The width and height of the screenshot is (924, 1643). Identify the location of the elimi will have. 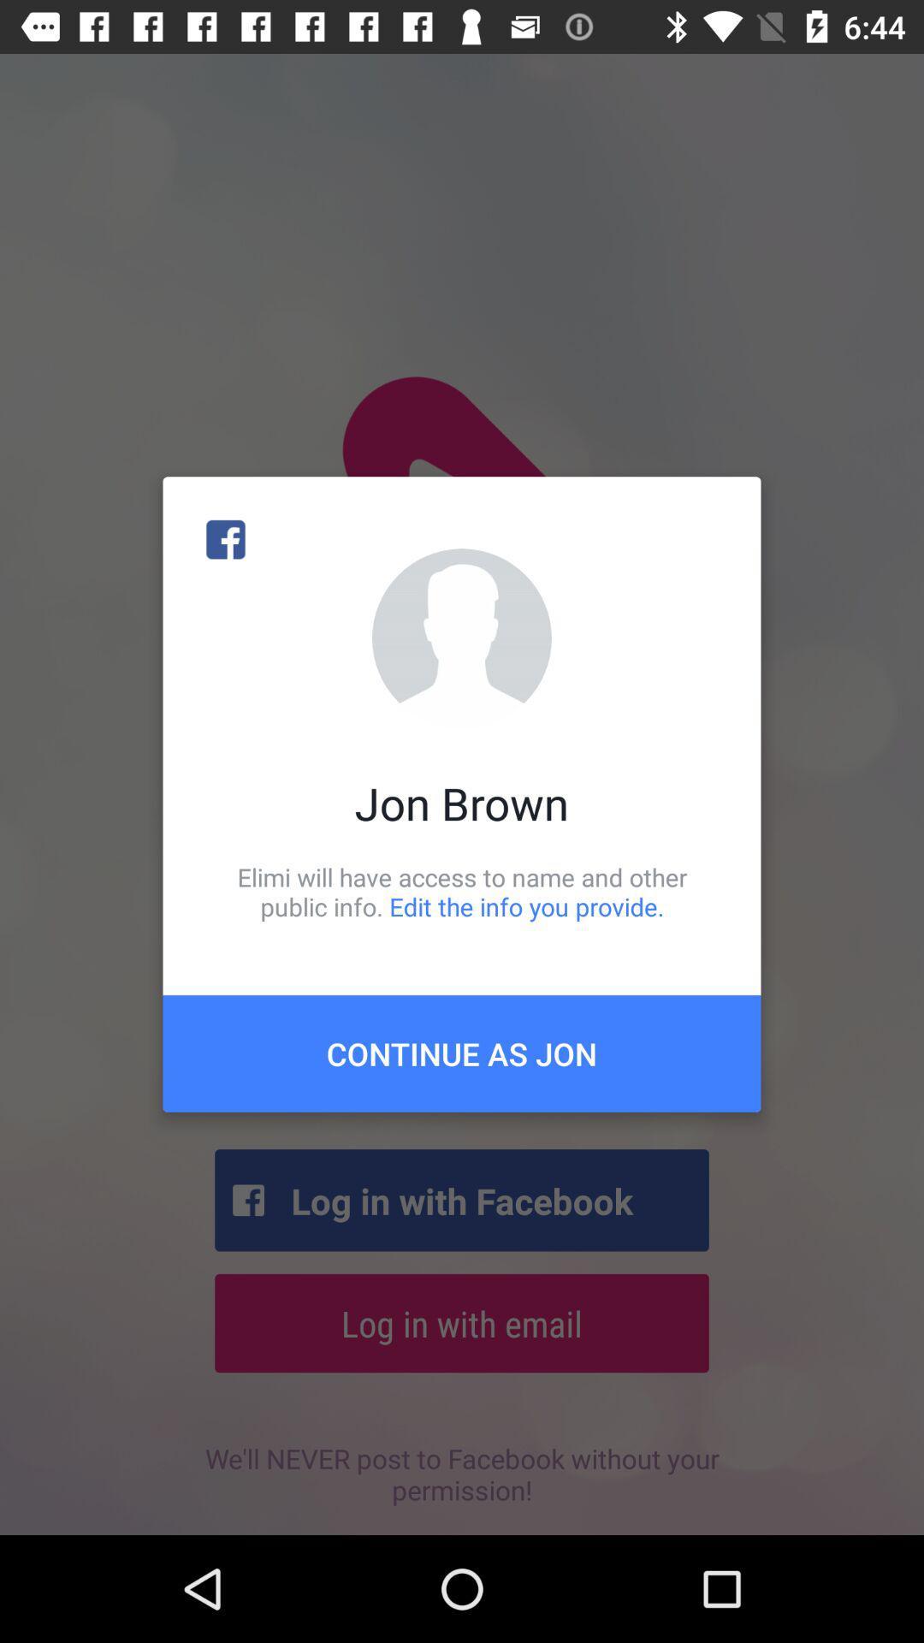
(462, 891).